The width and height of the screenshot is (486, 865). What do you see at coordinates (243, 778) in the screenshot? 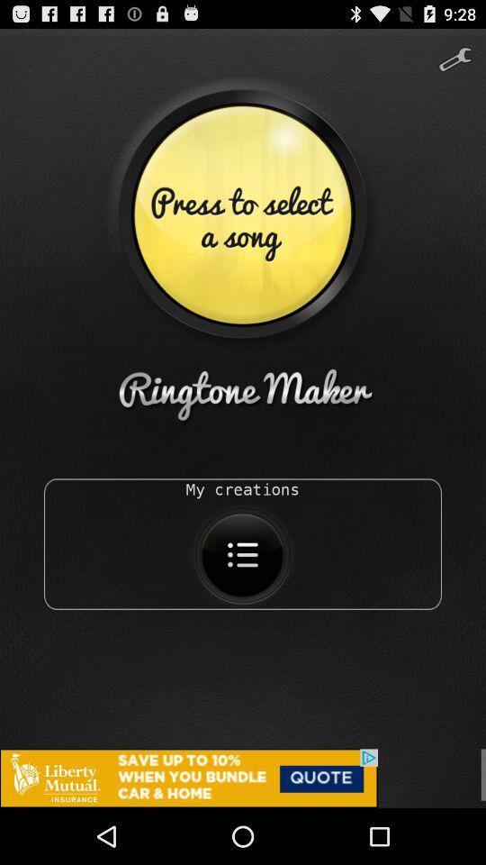
I see `option` at bounding box center [243, 778].